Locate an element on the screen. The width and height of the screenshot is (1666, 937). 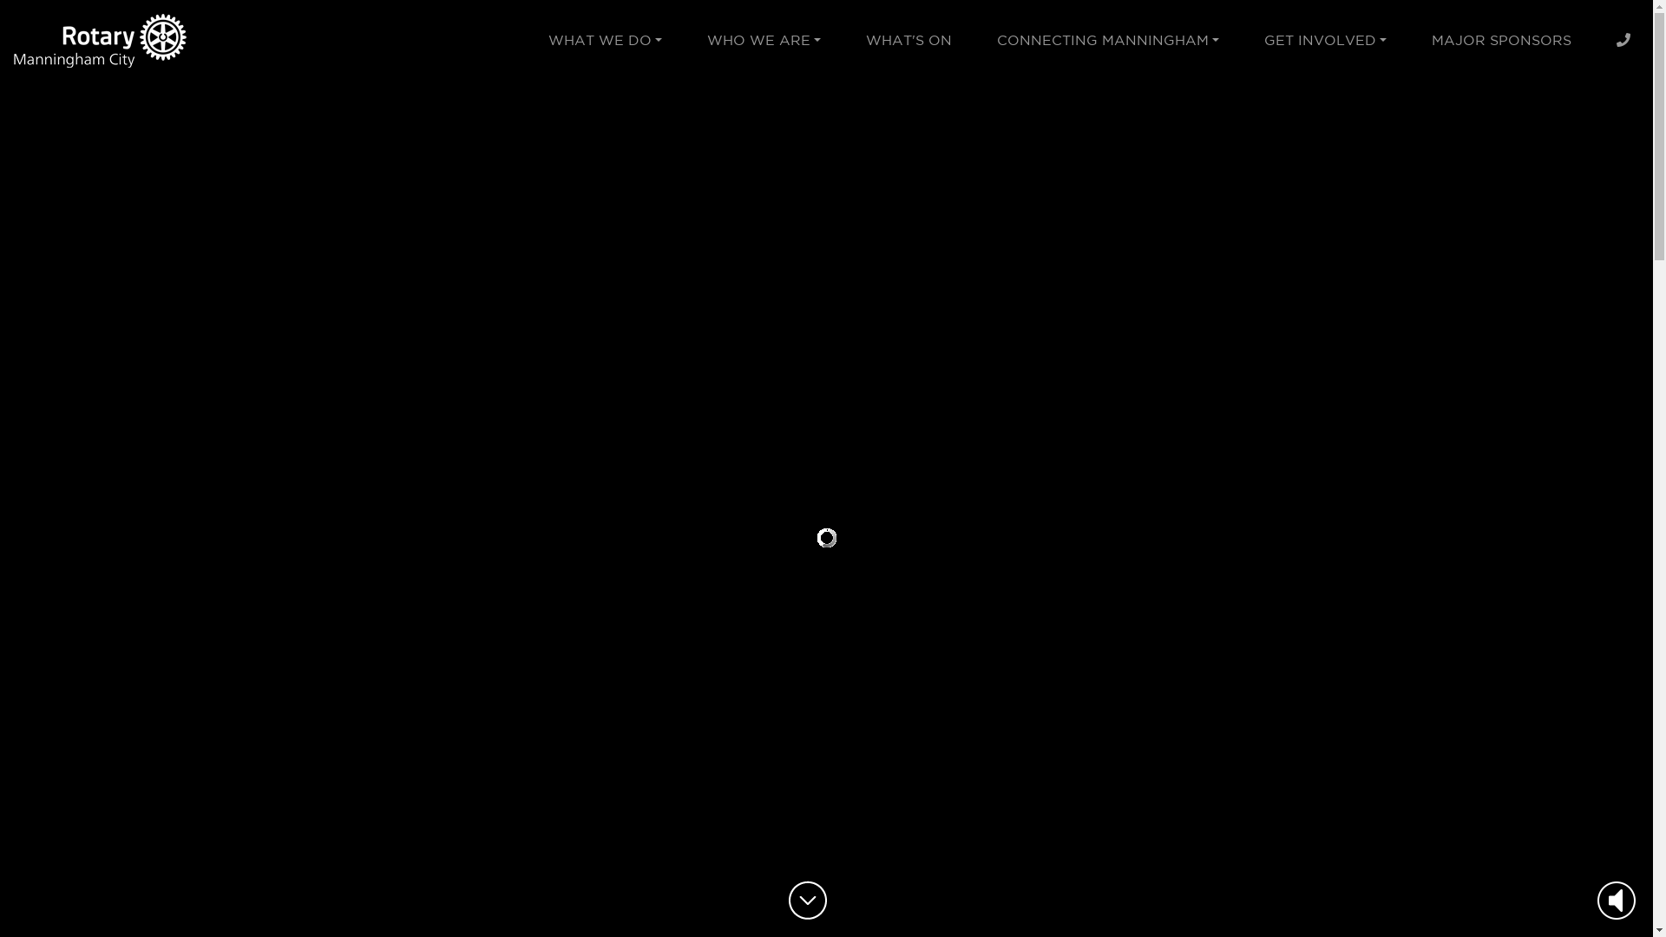
'CONNECTING MANNINGHAM' is located at coordinates (1106, 43).